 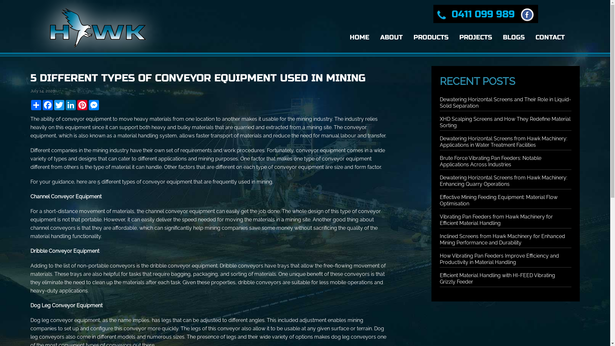 What do you see at coordinates (391, 37) in the screenshot?
I see `'ABOUT'` at bounding box center [391, 37].